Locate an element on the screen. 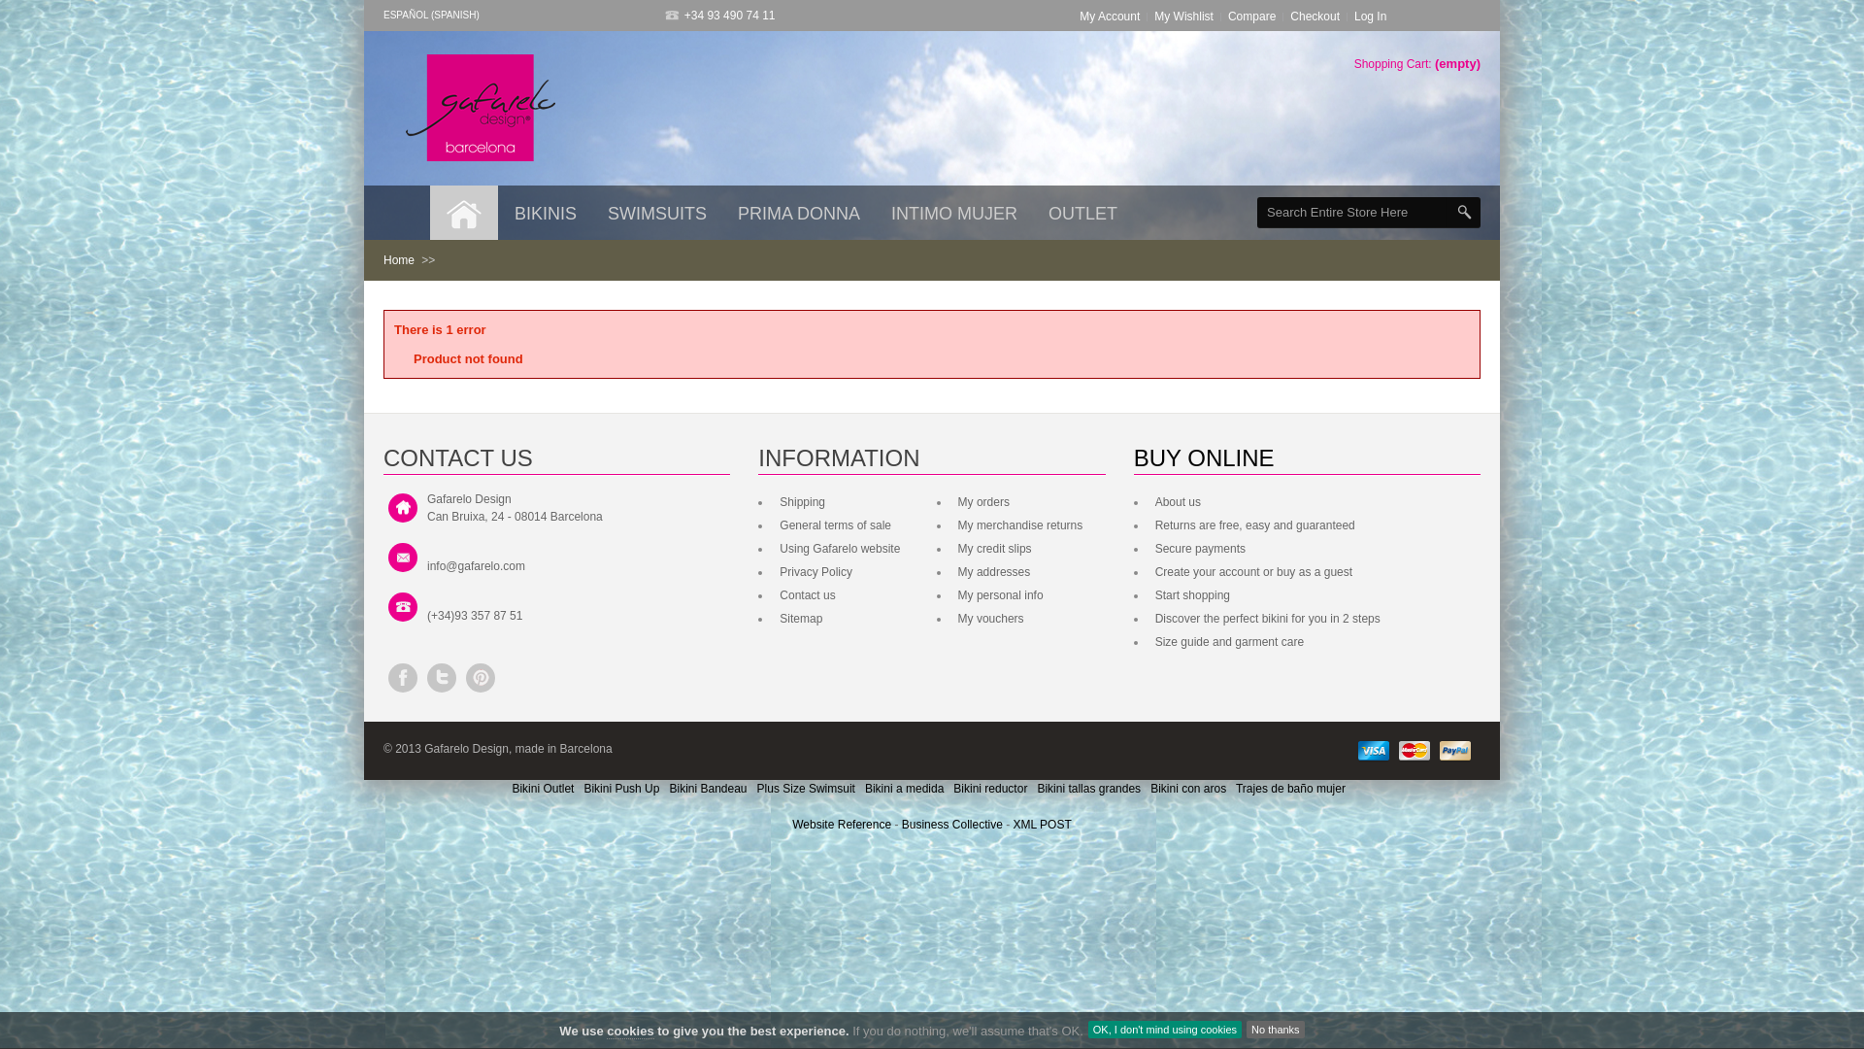 The image size is (1864, 1049). 'My merchandise returns' is located at coordinates (953, 524).